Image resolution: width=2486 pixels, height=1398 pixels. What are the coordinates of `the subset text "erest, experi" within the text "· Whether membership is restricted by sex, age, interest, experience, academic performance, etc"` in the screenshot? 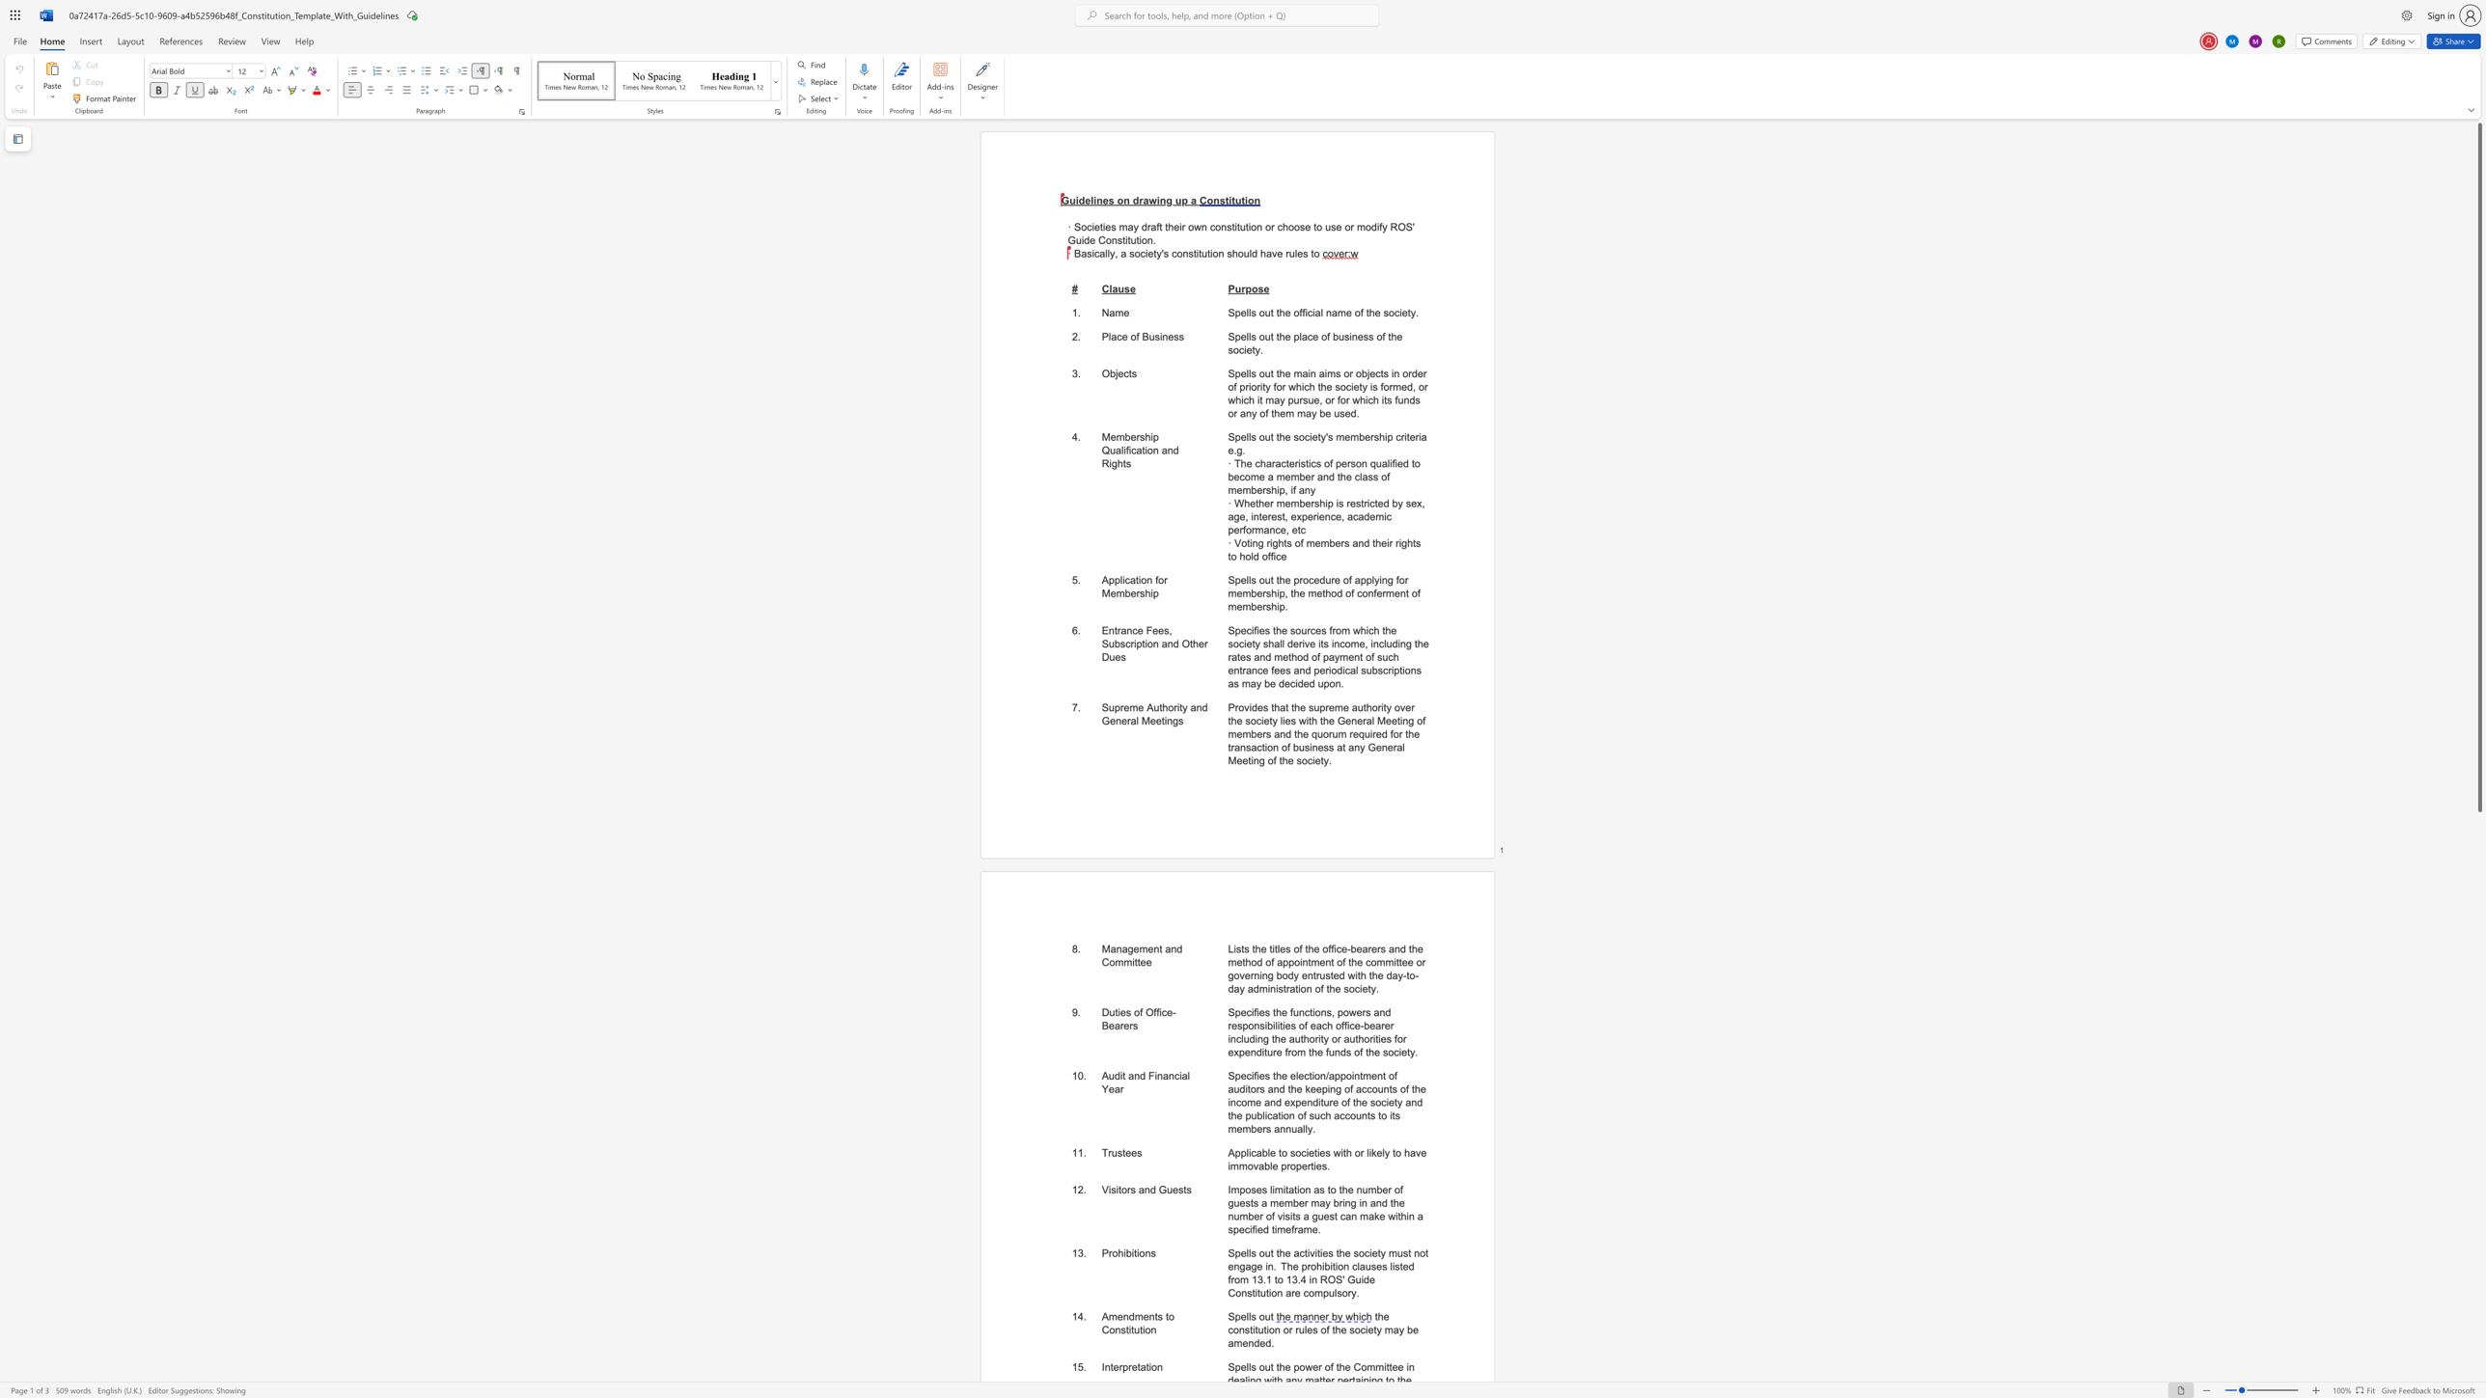 It's located at (1261, 516).